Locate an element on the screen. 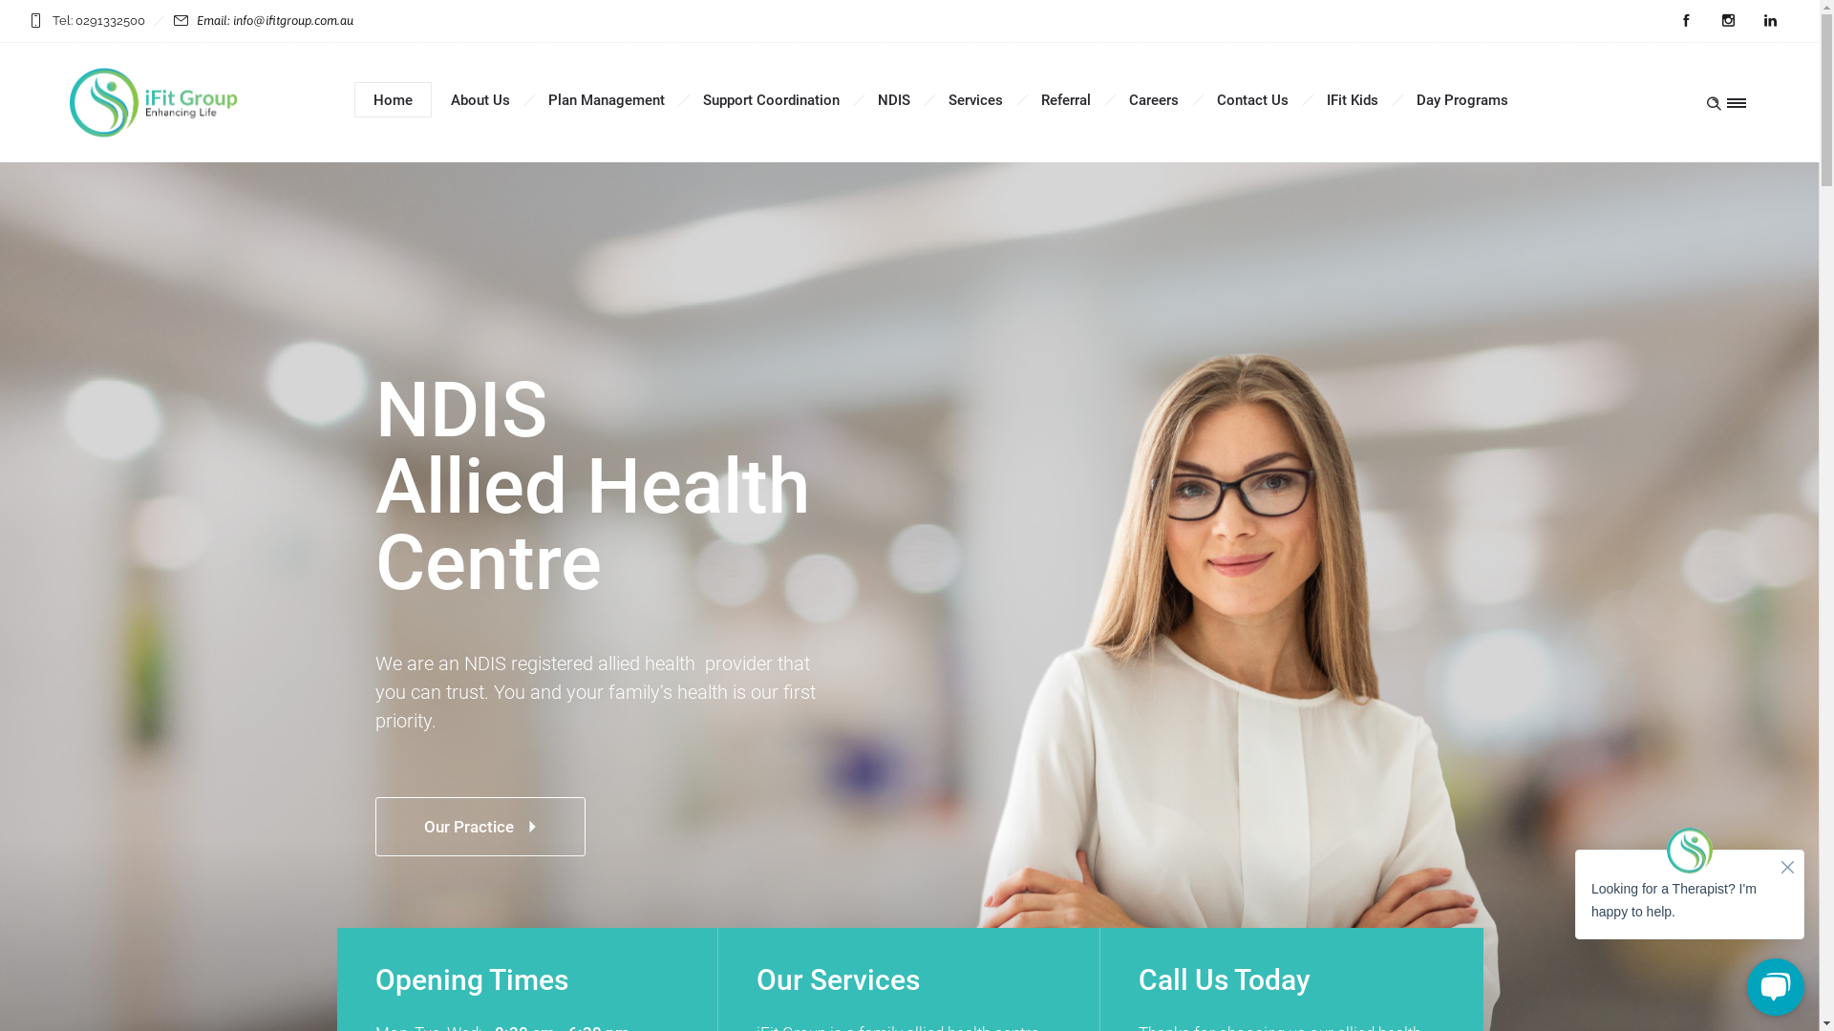 This screenshot has width=1834, height=1031. 'Referral' is located at coordinates (1021, 99).